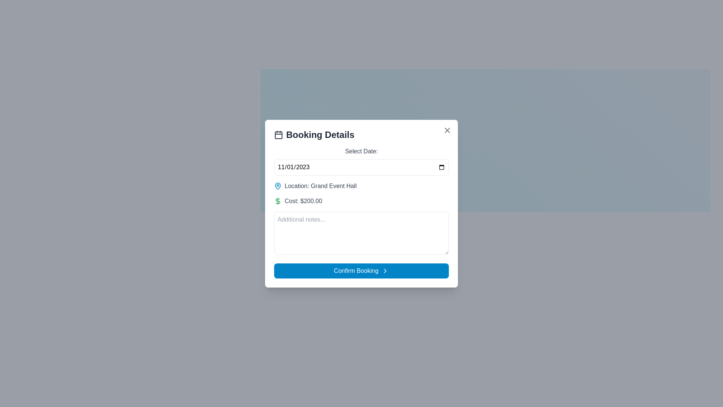  What do you see at coordinates (278, 200) in the screenshot?
I see `the green dollar sign icon located in the 'Cost' row of the booking details section, which precedes the text 'Cost: $200.00'` at bounding box center [278, 200].